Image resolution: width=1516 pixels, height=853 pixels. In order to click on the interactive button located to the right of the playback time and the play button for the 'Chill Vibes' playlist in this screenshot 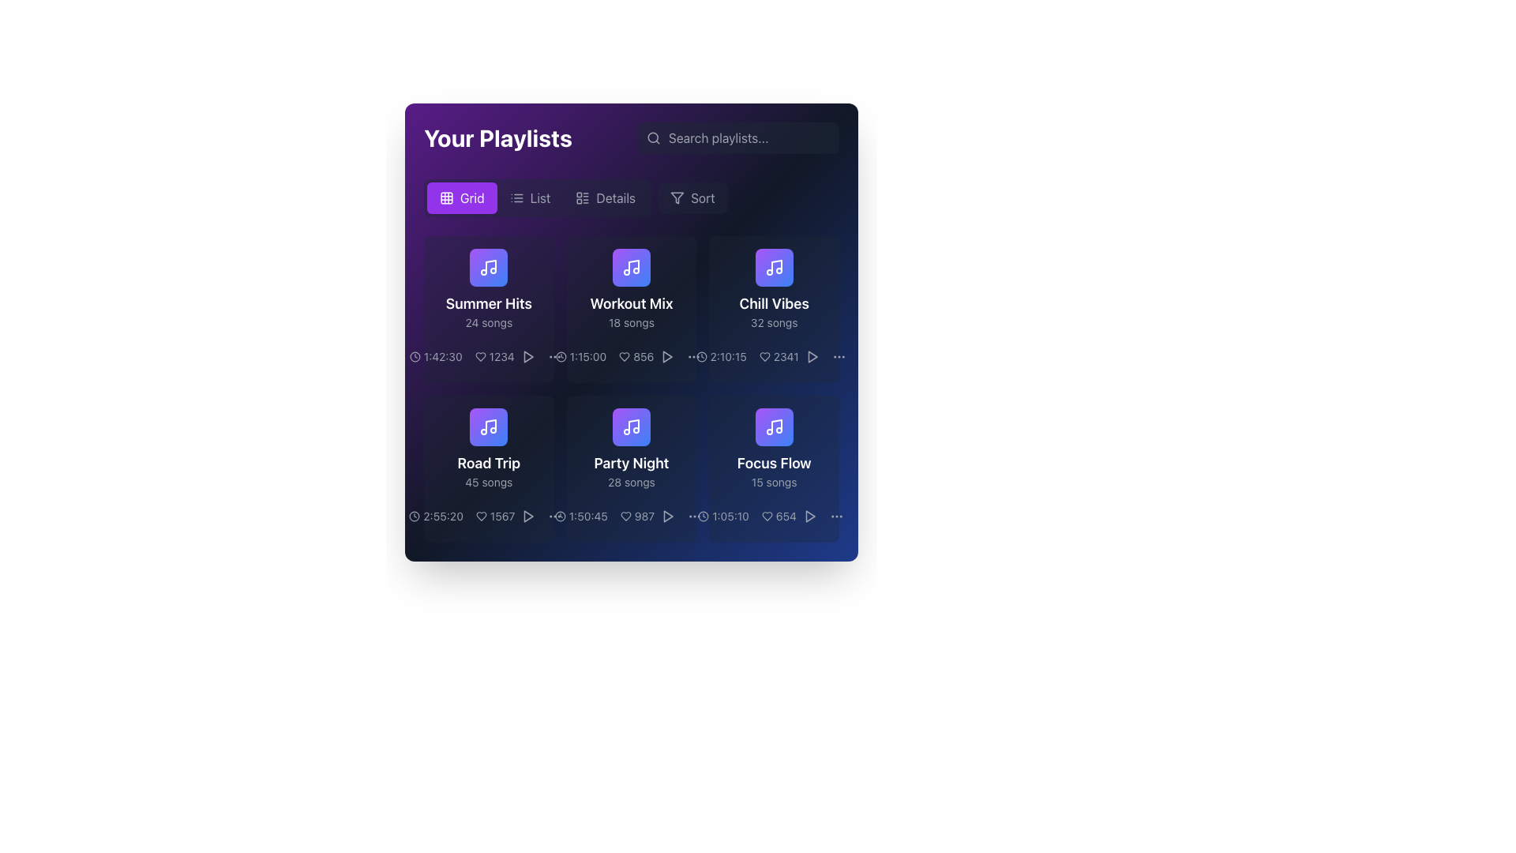, I will do `click(694, 356)`.